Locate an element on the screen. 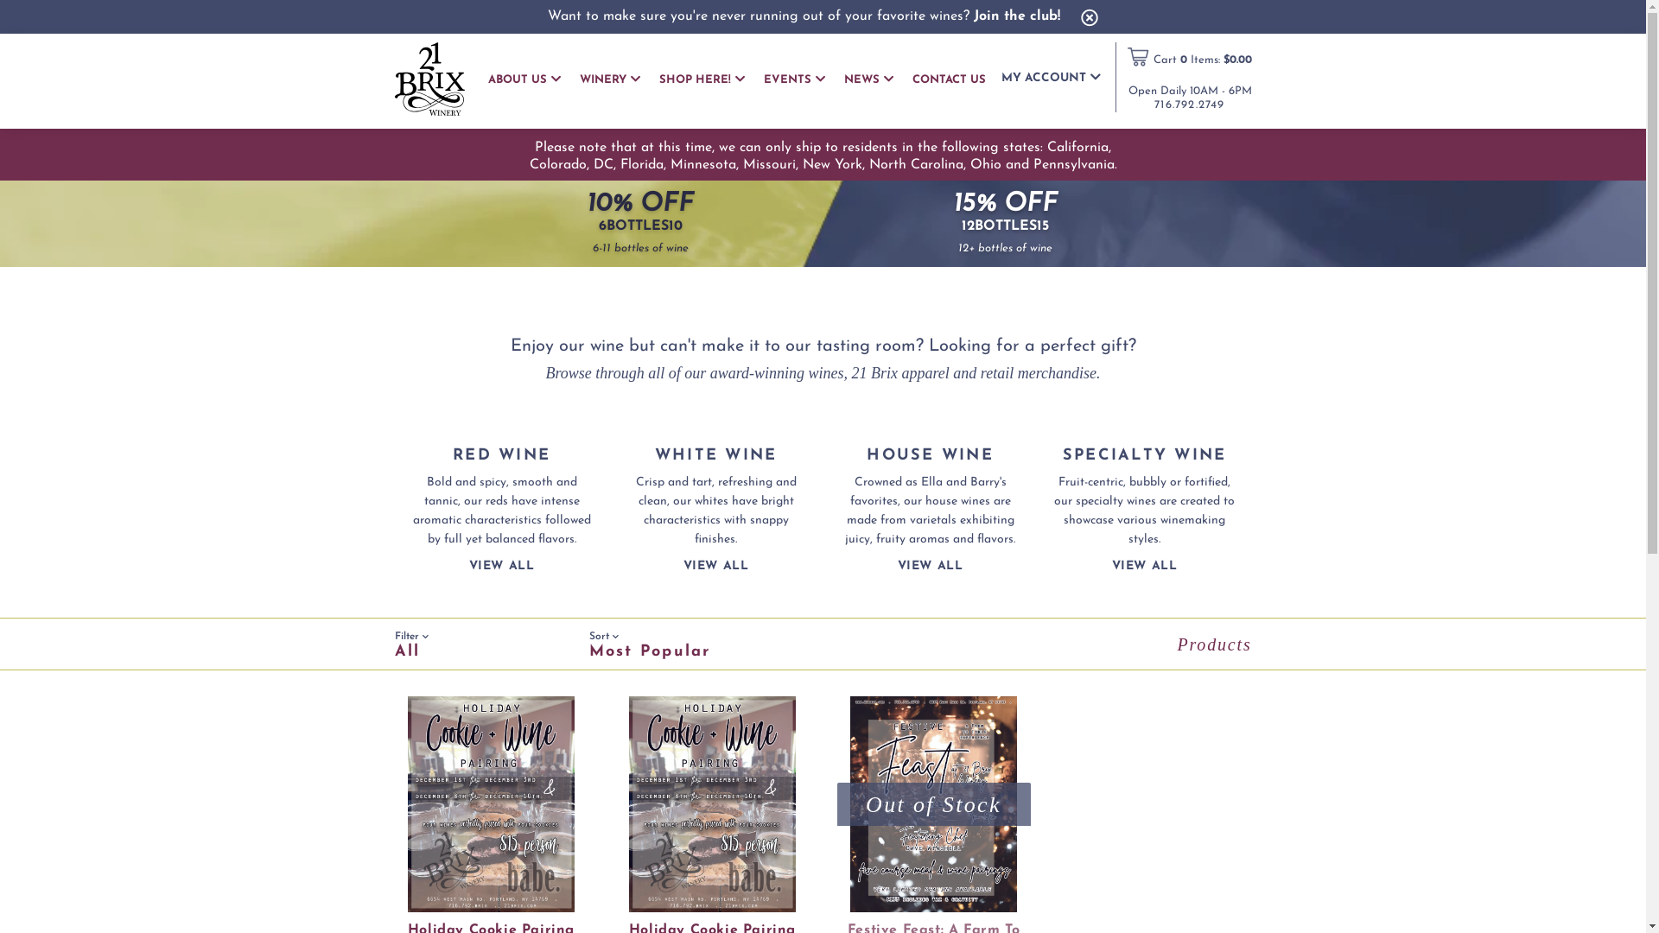 This screenshot has height=933, width=1659. 'SHOP HERE!' is located at coordinates (701, 79).